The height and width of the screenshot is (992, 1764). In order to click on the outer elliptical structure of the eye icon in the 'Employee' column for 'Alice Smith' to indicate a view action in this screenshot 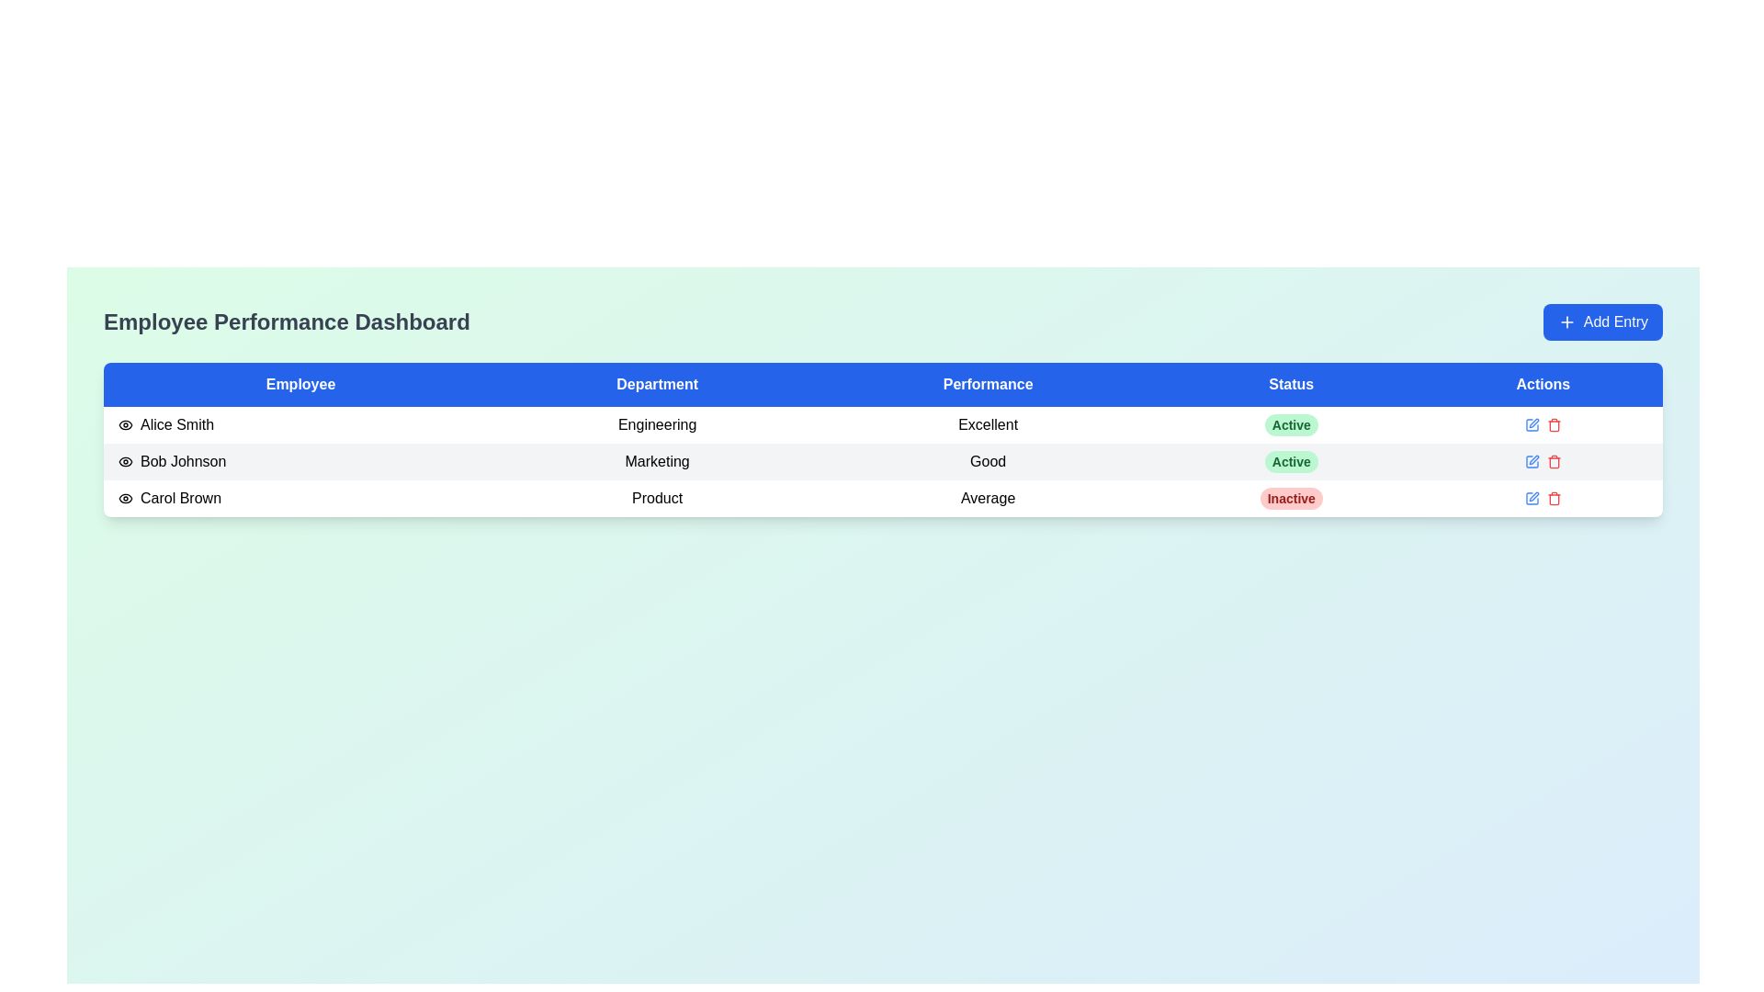, I will do `click(125, 460)`.